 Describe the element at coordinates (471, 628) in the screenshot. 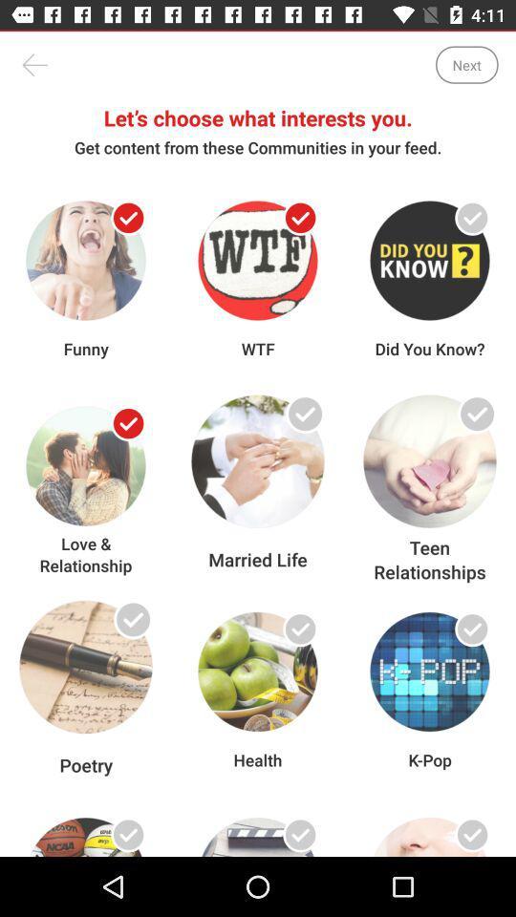

I see `choose category` at that location.